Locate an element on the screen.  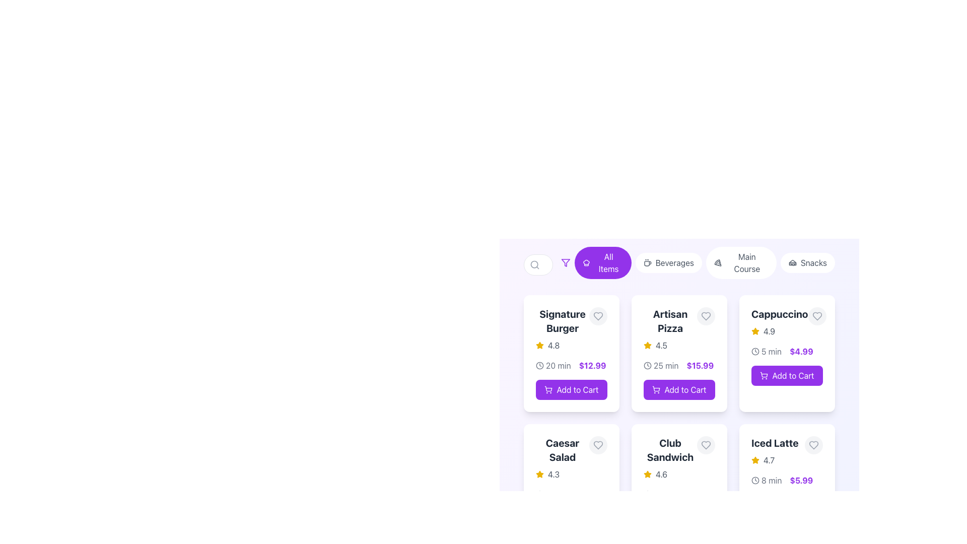
displayed information from the textual display element showing 'Cappuccino' and the rating '4.9' with a yellow star icon, located in the top-right card of the grid layout is located at coordinates (779, 322).